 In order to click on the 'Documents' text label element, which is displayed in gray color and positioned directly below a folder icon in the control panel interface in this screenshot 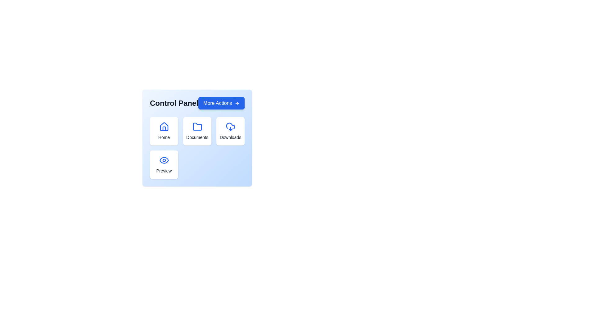, I will do `click(197, 137)`.